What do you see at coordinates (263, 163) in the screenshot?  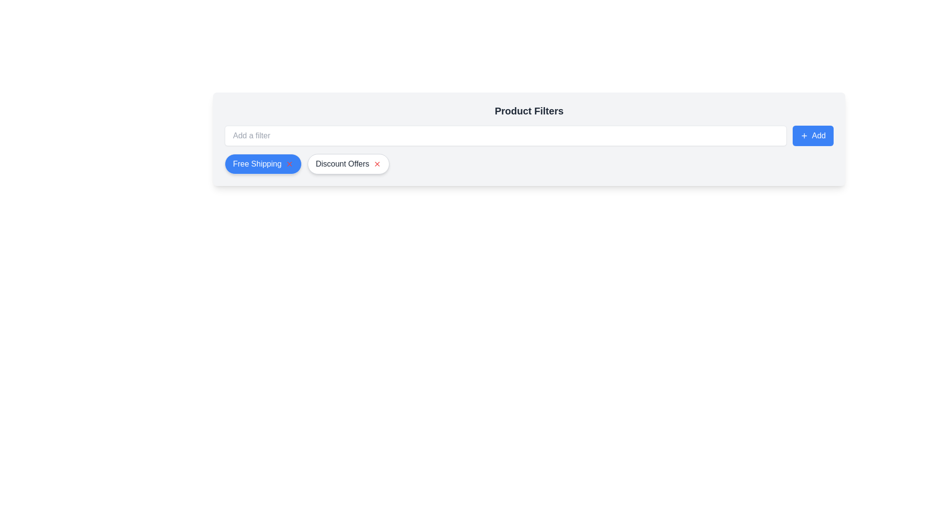 I see `the 'x' icon on the 'Free Shipping' filter button located in the 'Product Filters' section` at bounding box center [263, 163].